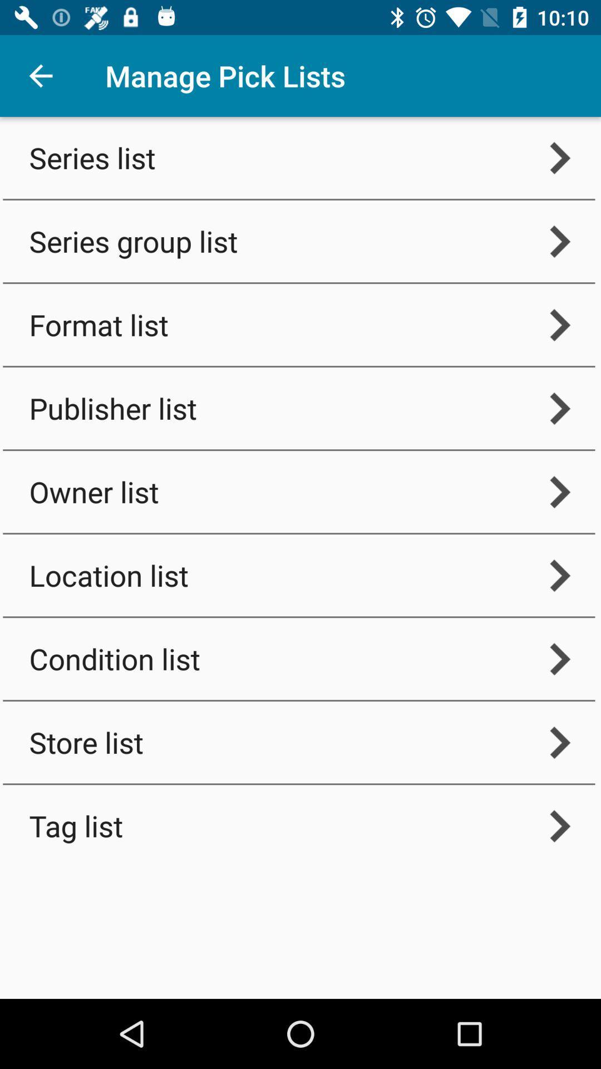 The height and width of the screenshot is (1069, 601). What do you see at coordinates (40, 75) in the screenshot?
I see `icon at the top left corner` at bounding box center [40, 75].